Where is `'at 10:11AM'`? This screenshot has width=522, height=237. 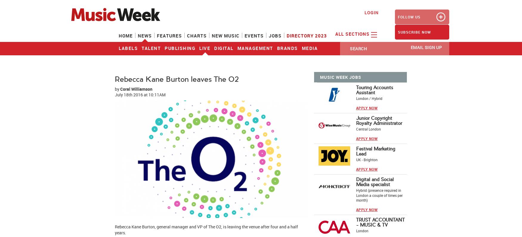
'at 10:11AM' is located at coordinates (154, 94).